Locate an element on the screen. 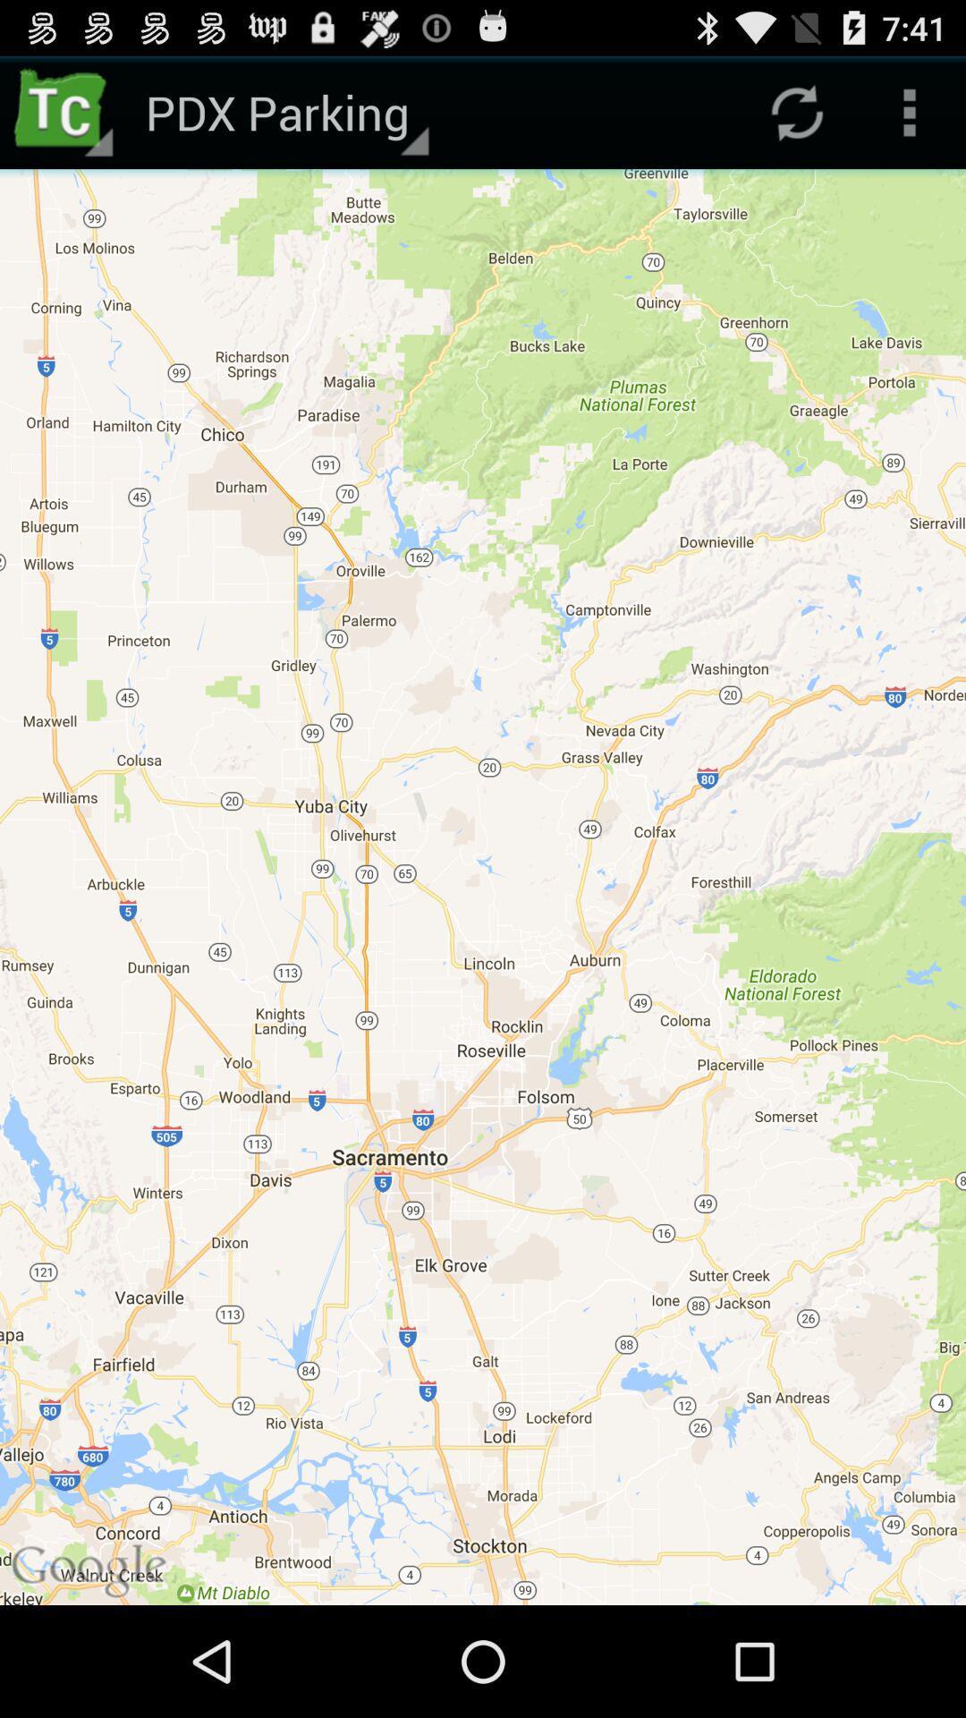  the item to the left of the pdx parking is located at coordinates (64, 111).